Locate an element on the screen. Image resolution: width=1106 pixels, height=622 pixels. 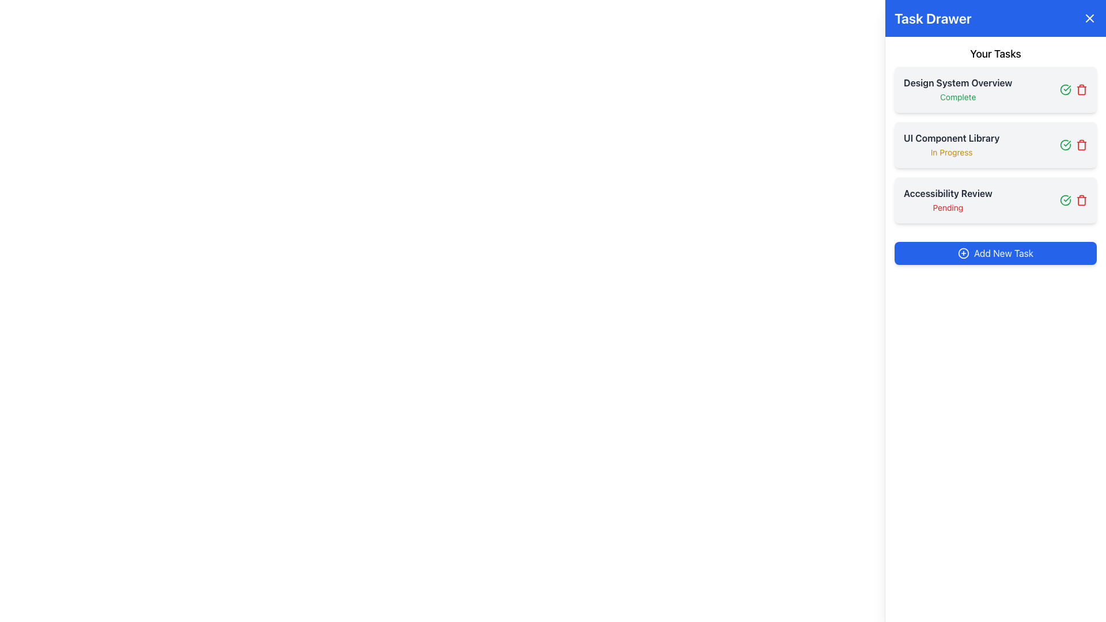
the text label 'Your Tasks' located at the top of the sidebar within the blue header labeled 'Task Drawer' is located at coordinates (995, 54).